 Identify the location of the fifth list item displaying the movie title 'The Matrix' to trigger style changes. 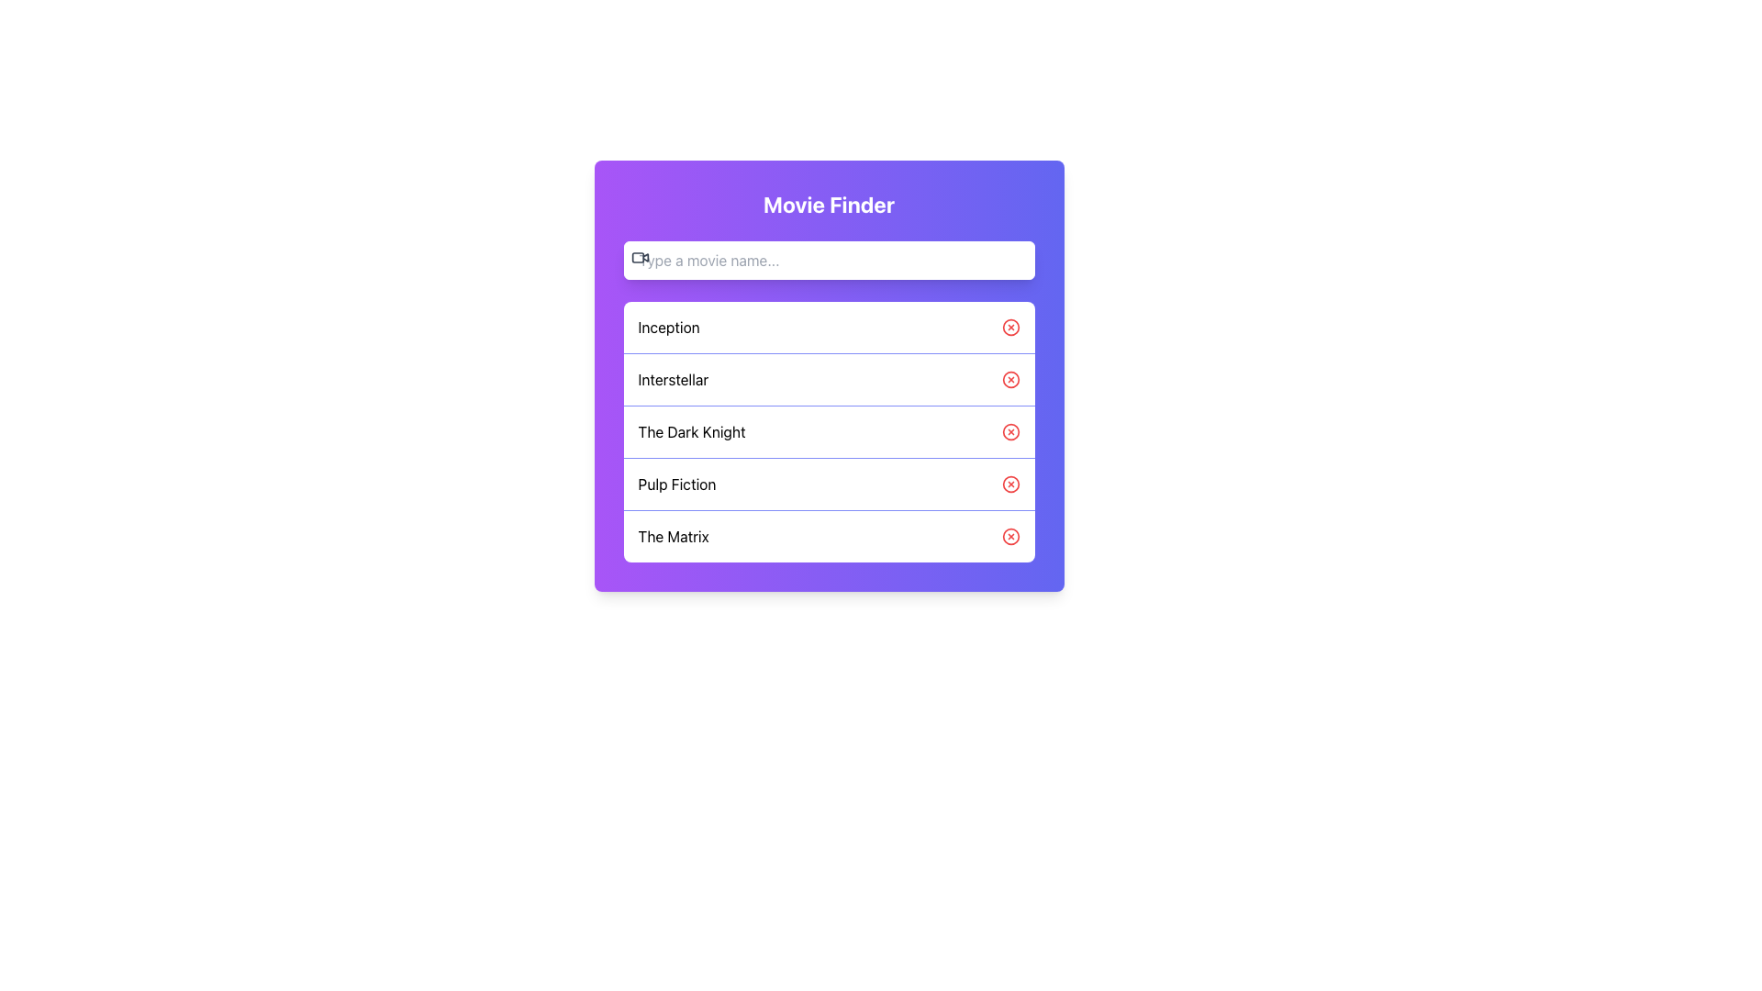
(828, 536).